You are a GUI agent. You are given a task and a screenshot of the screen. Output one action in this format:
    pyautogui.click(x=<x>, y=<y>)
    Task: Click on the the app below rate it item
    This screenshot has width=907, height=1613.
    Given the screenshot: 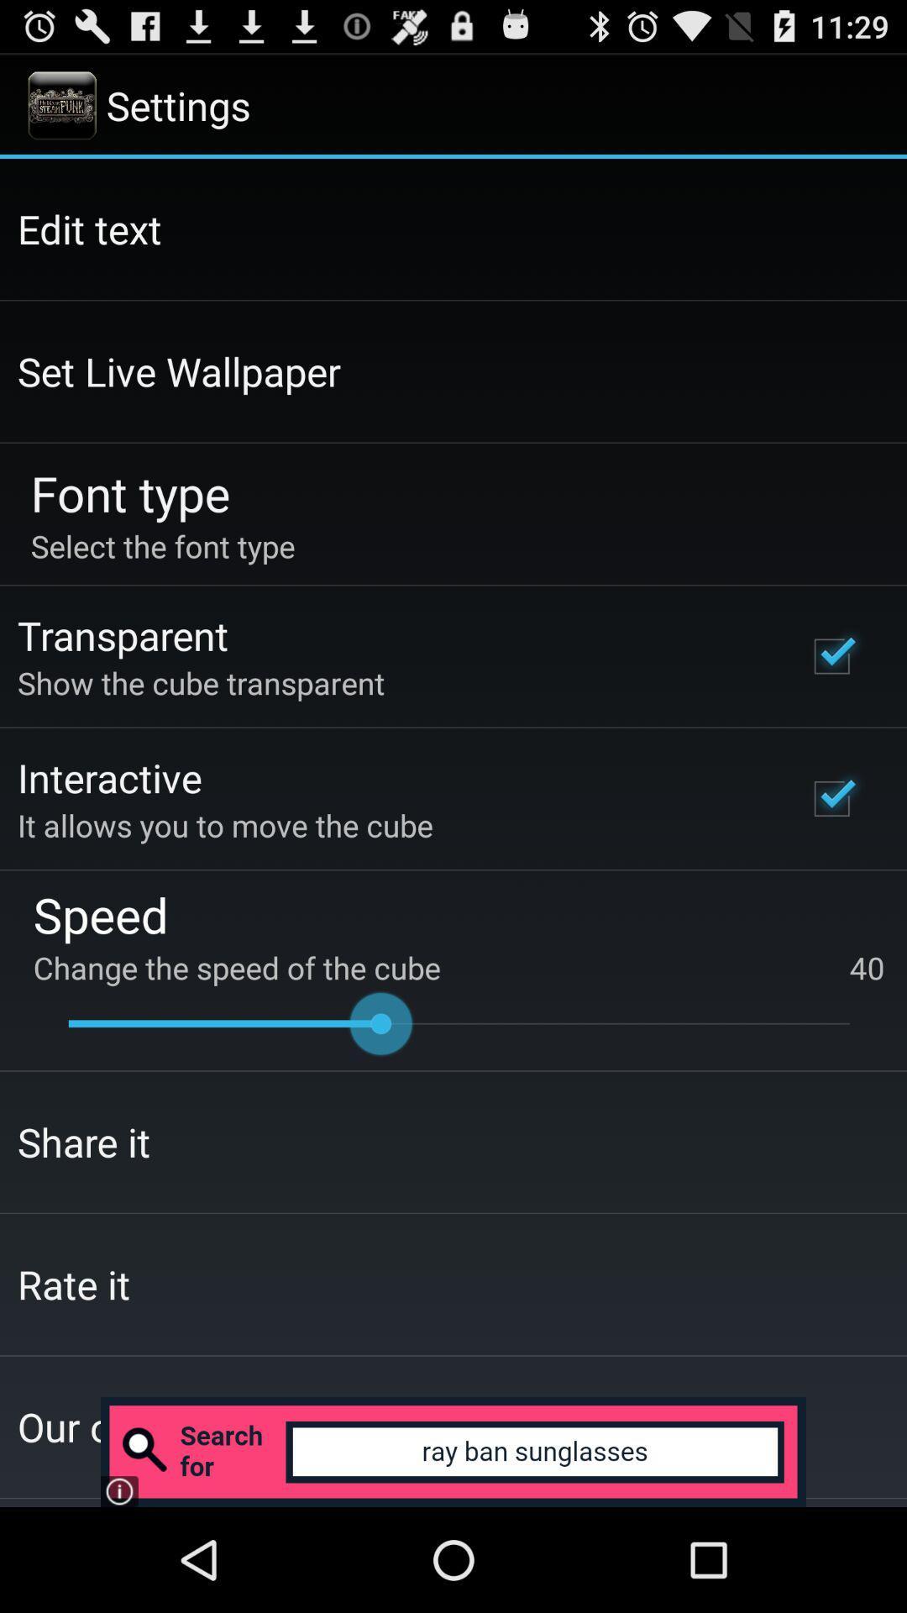 What is the action you would take?
    pyautogui.click(x=453, y=1451)
    